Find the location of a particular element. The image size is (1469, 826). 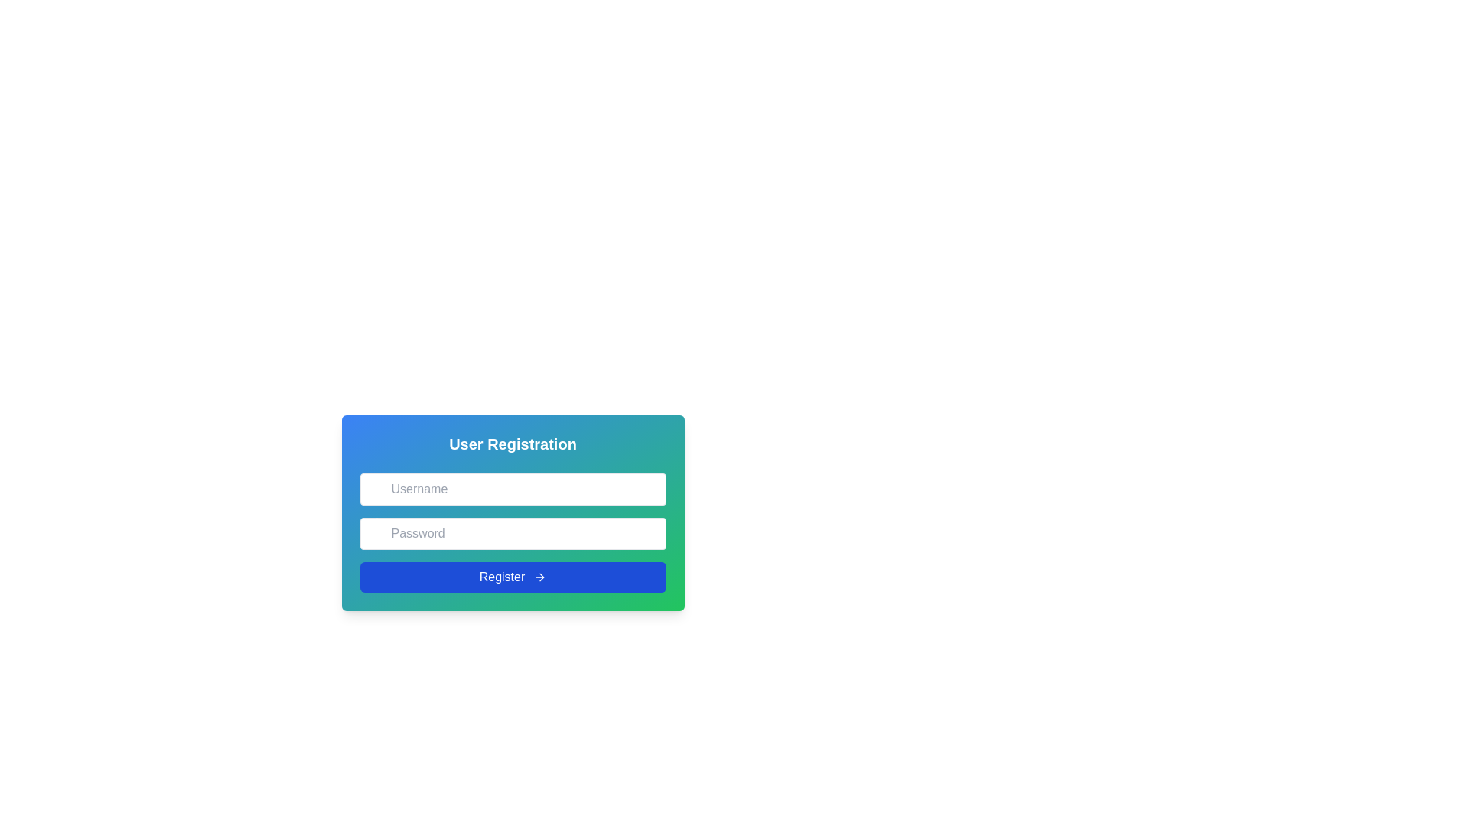

the submit button located below the input fields for 'Username' and 'Password' in the user registration form is located at coordinates (513, 577).